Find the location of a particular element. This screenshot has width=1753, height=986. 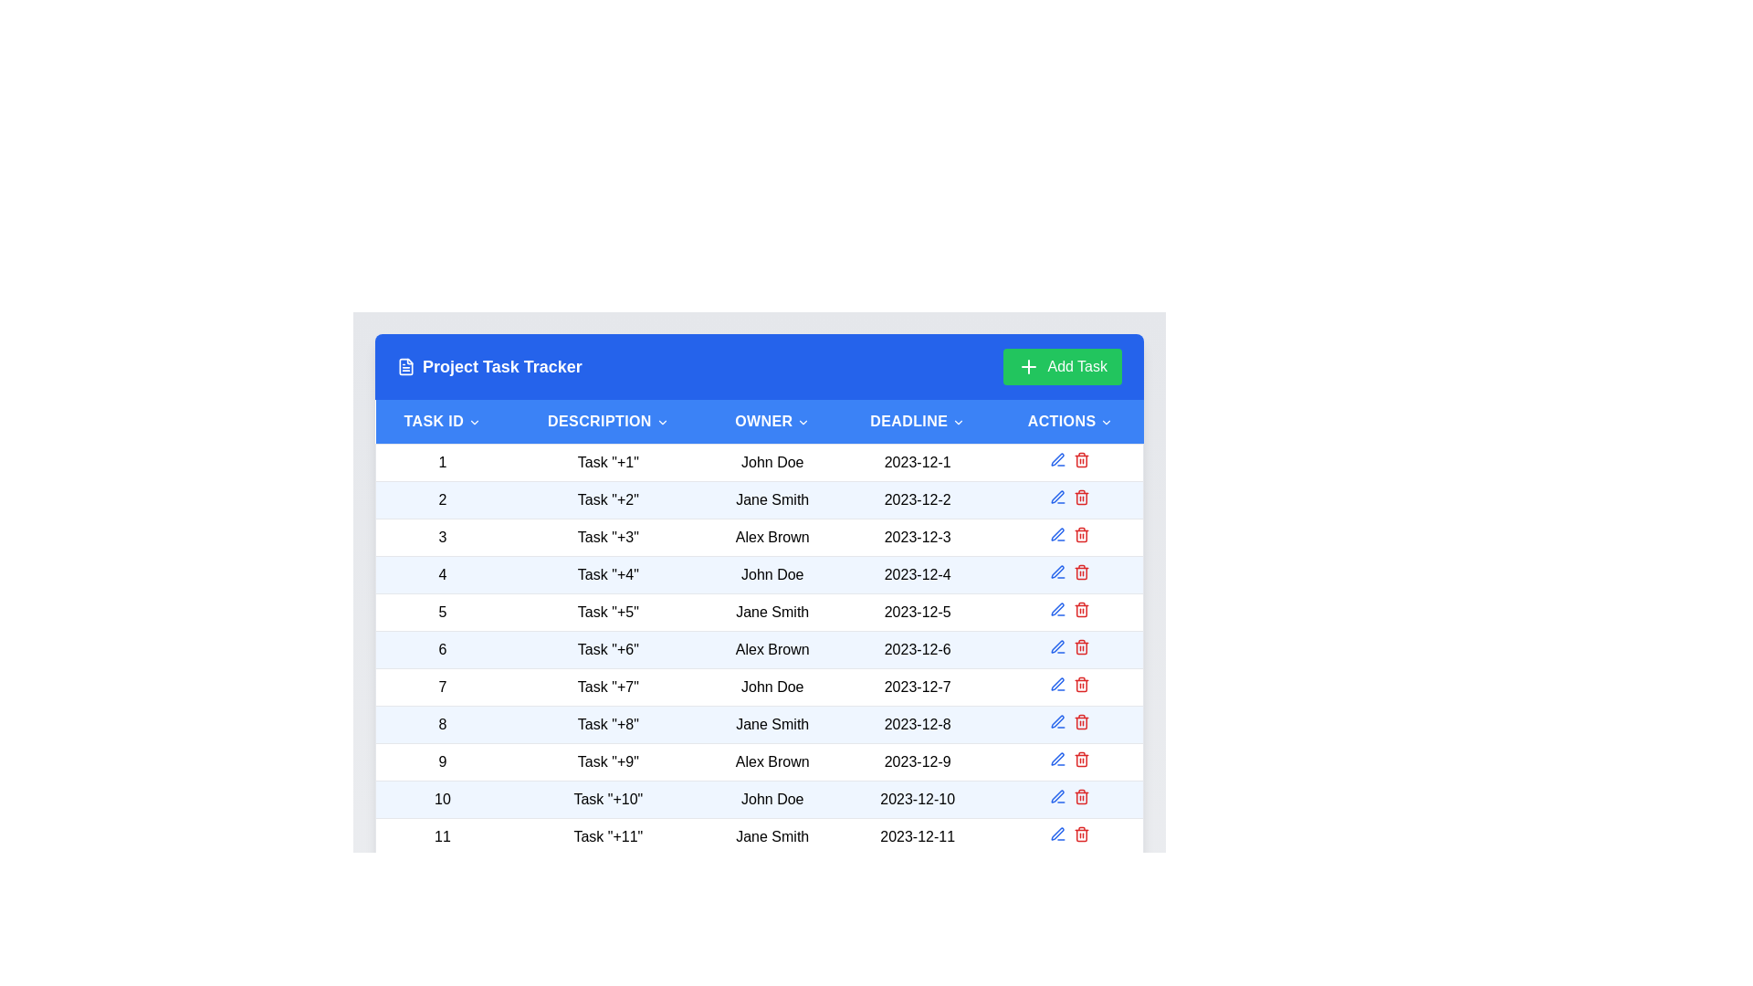

'Add Task' button to initiate the task addition process is located at coordinates (1062, 366).